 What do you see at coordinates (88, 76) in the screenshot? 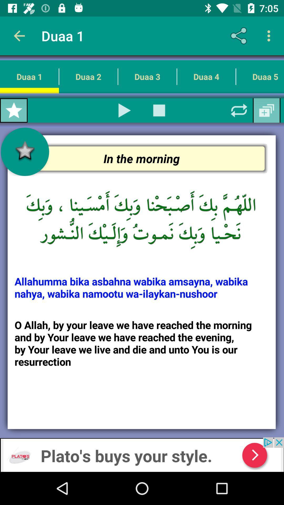
I see `duaa 2 item` at bounding box center [88, 76].